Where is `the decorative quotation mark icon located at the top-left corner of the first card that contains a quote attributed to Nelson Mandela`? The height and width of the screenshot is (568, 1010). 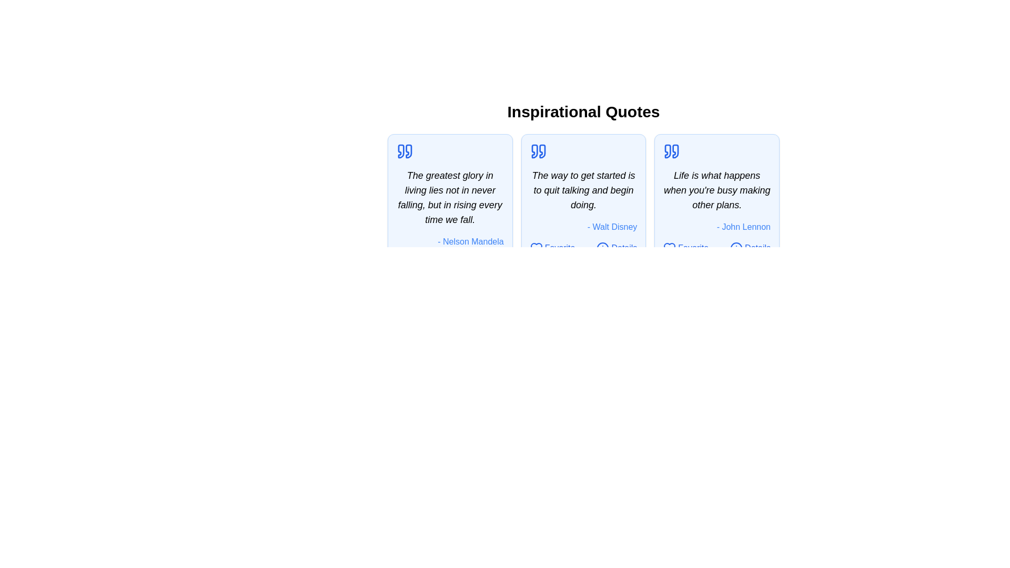 the decorative quotation mark icon located at the top-left corner of the first card that contains a quote attributed to Nelson Mandela is located at coordinates (404, 151).